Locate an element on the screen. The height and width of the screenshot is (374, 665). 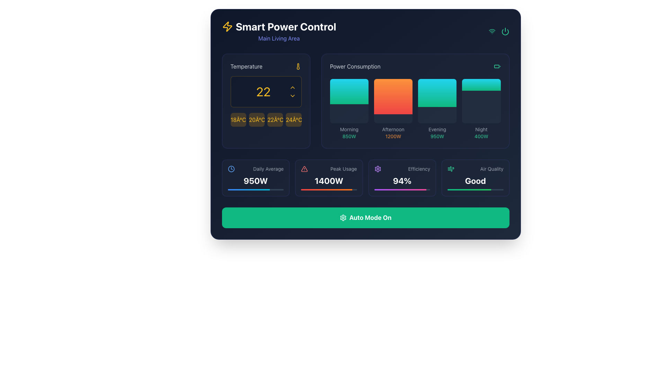
the green circular icon button resembling a power symbol, located in the upper-right corner of the interface is located at coordinates (505, 32).